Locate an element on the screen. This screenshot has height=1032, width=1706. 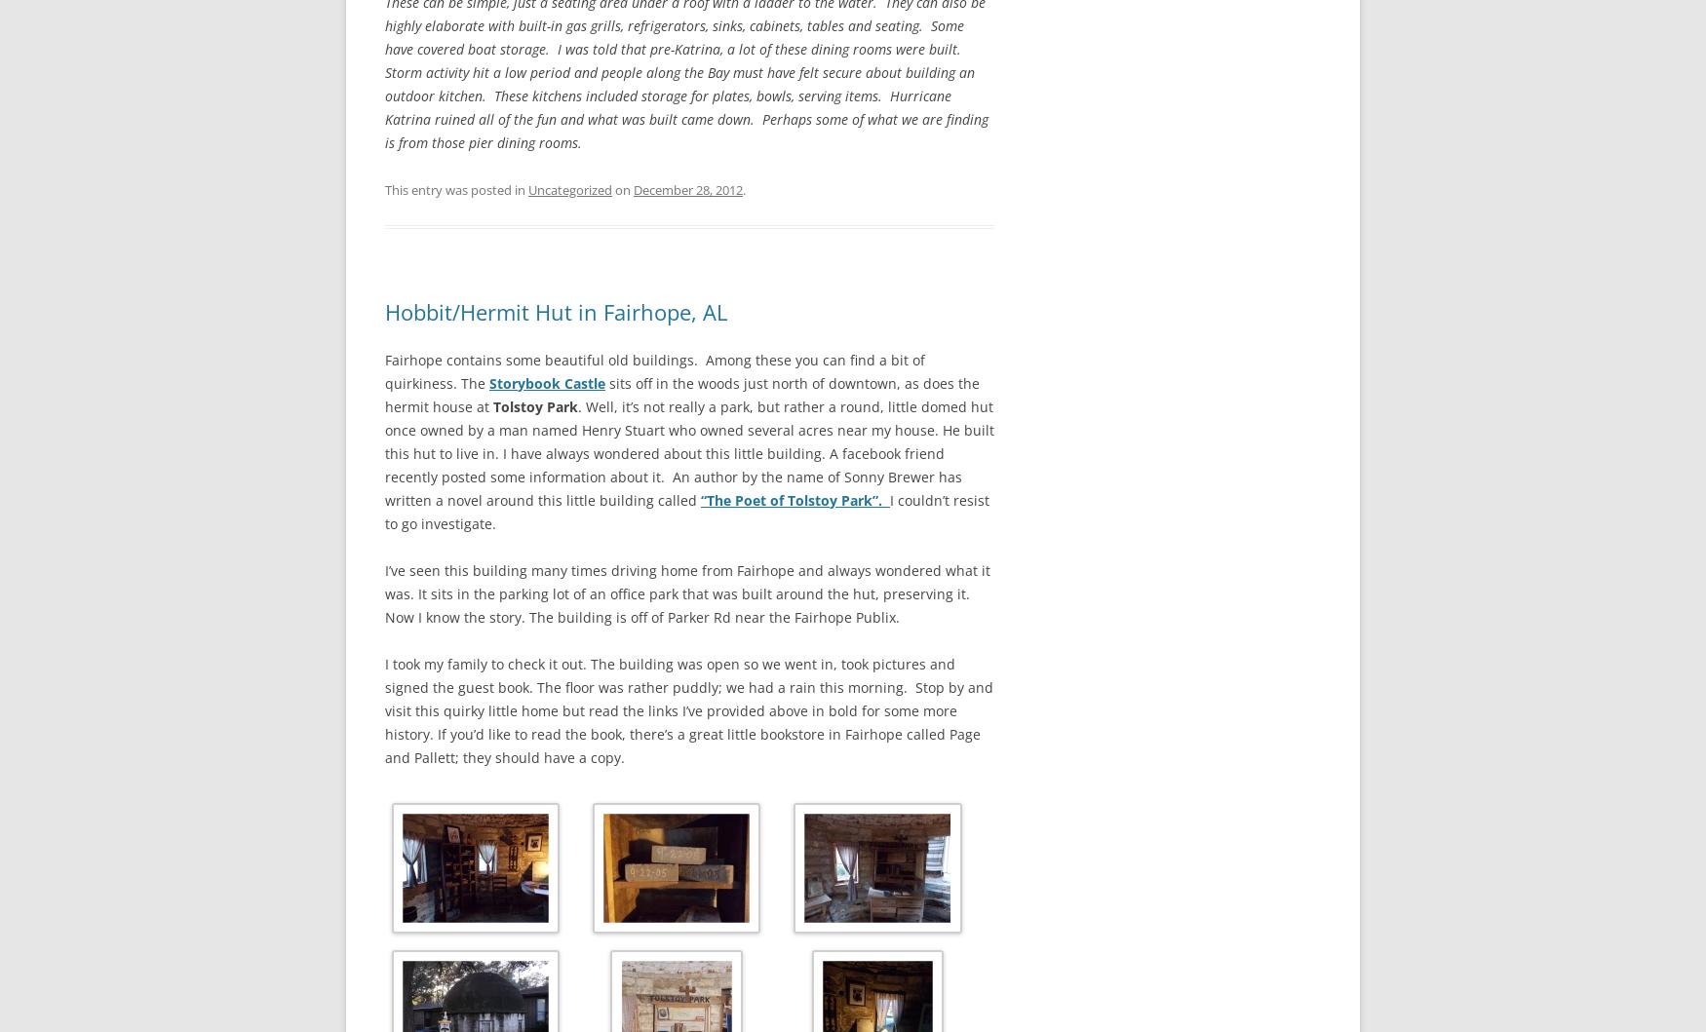
'on' is located at coordinates (621, 188).